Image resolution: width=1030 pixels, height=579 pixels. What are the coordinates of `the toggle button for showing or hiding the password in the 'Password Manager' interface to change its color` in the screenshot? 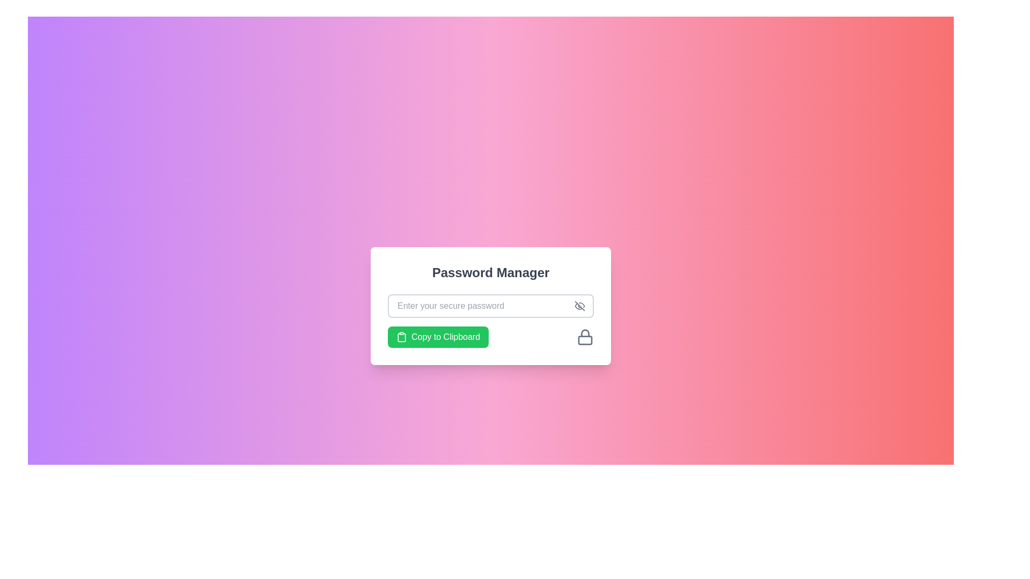 It's located at (579, 306).